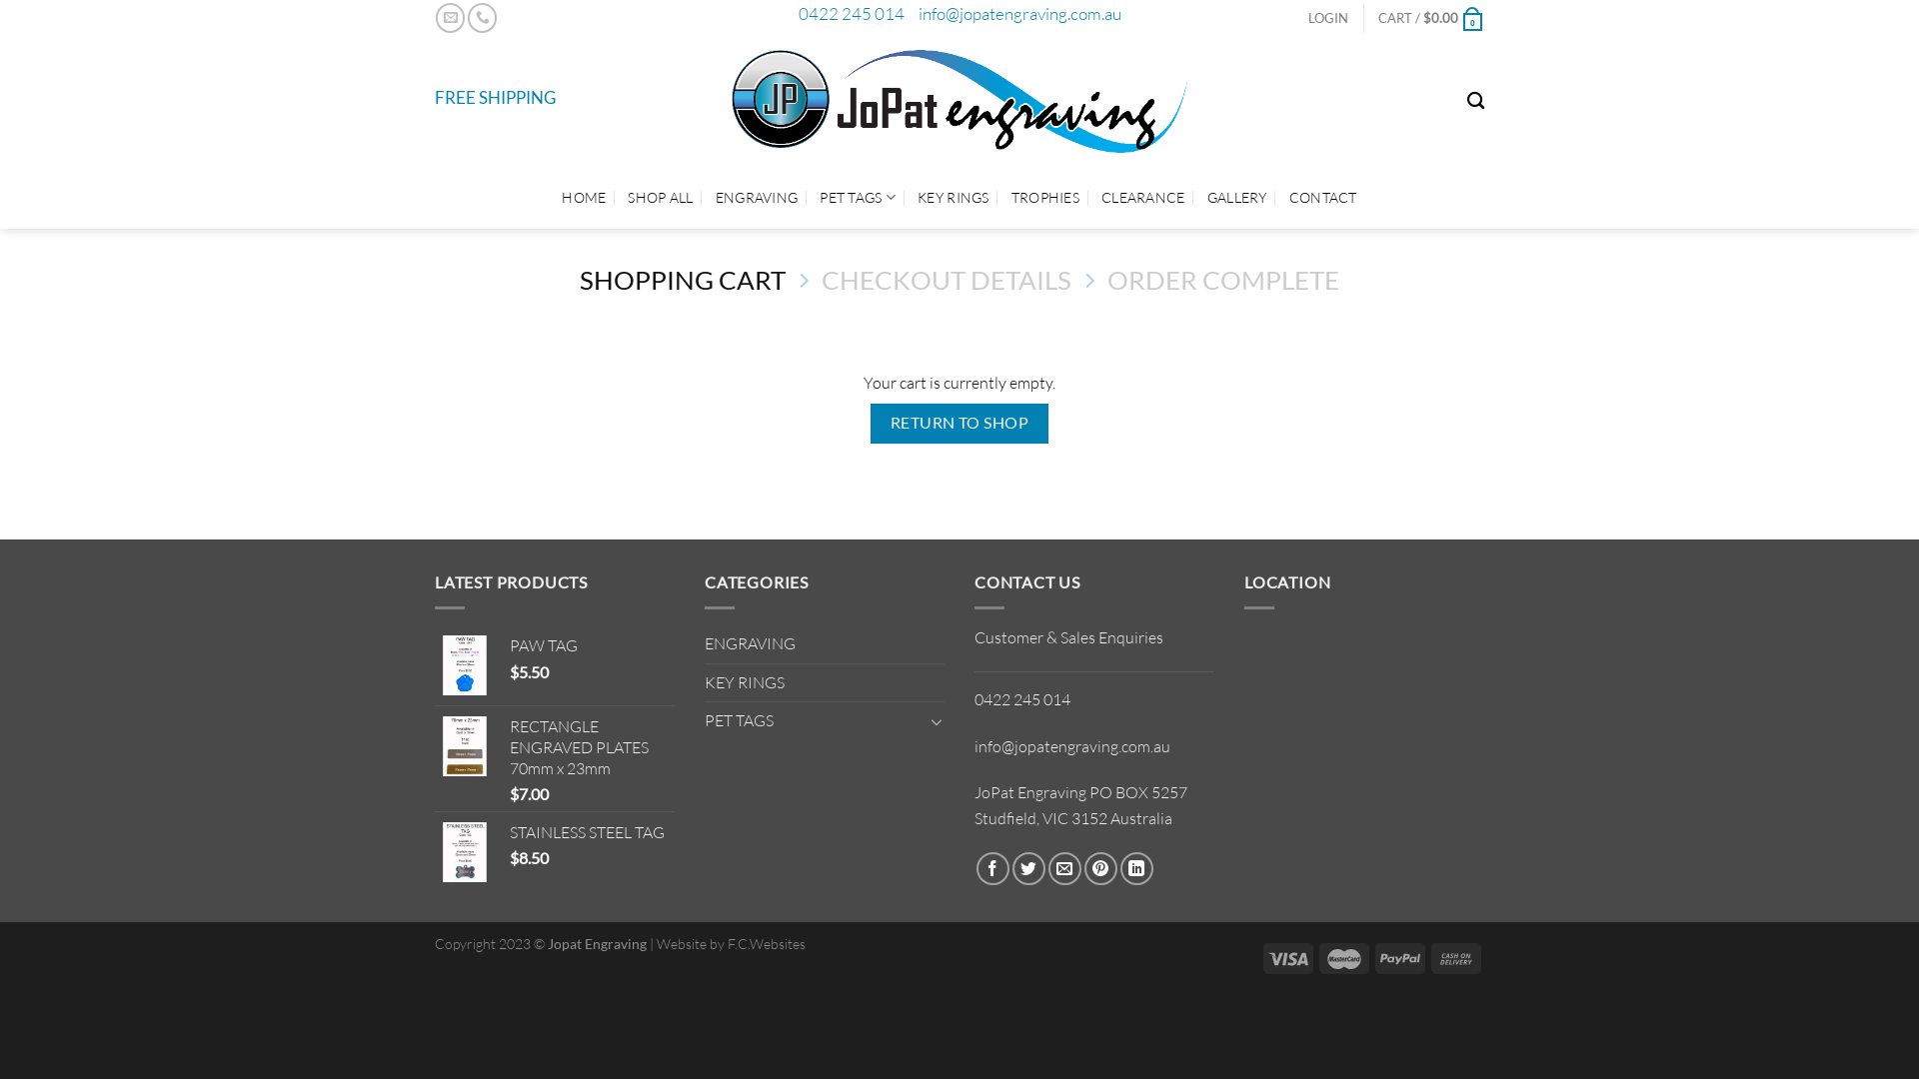 This screenshot has width=1919, height=1079. I want to click on 'Share on Twitter', so click(1028, 867).